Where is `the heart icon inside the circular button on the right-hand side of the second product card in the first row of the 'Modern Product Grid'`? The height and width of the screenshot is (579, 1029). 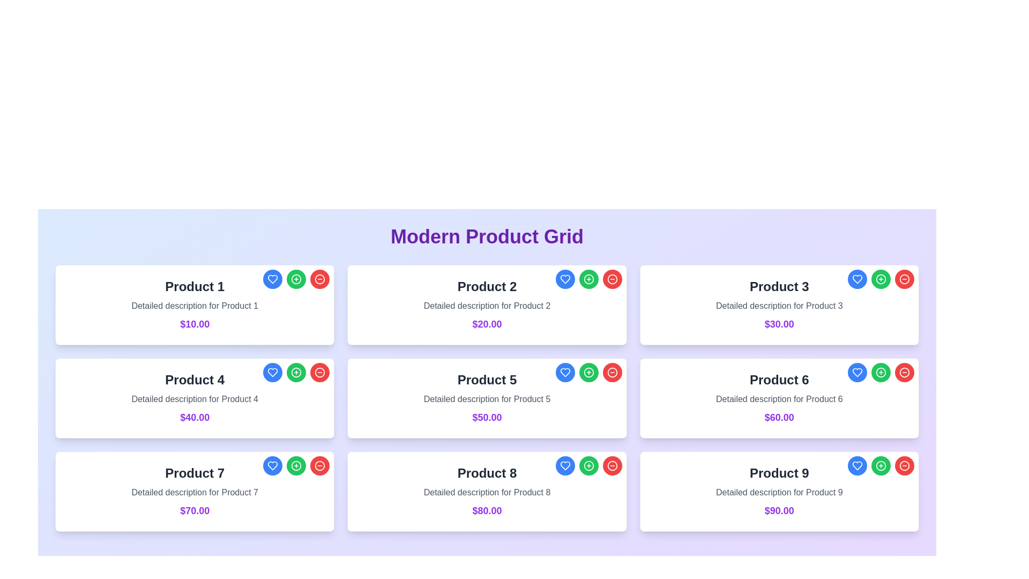
the heart icon inside the circular button on the right-hand side of the second product card in the first row of the 'Modern Product Grid' is located at coordinates (564, 278).